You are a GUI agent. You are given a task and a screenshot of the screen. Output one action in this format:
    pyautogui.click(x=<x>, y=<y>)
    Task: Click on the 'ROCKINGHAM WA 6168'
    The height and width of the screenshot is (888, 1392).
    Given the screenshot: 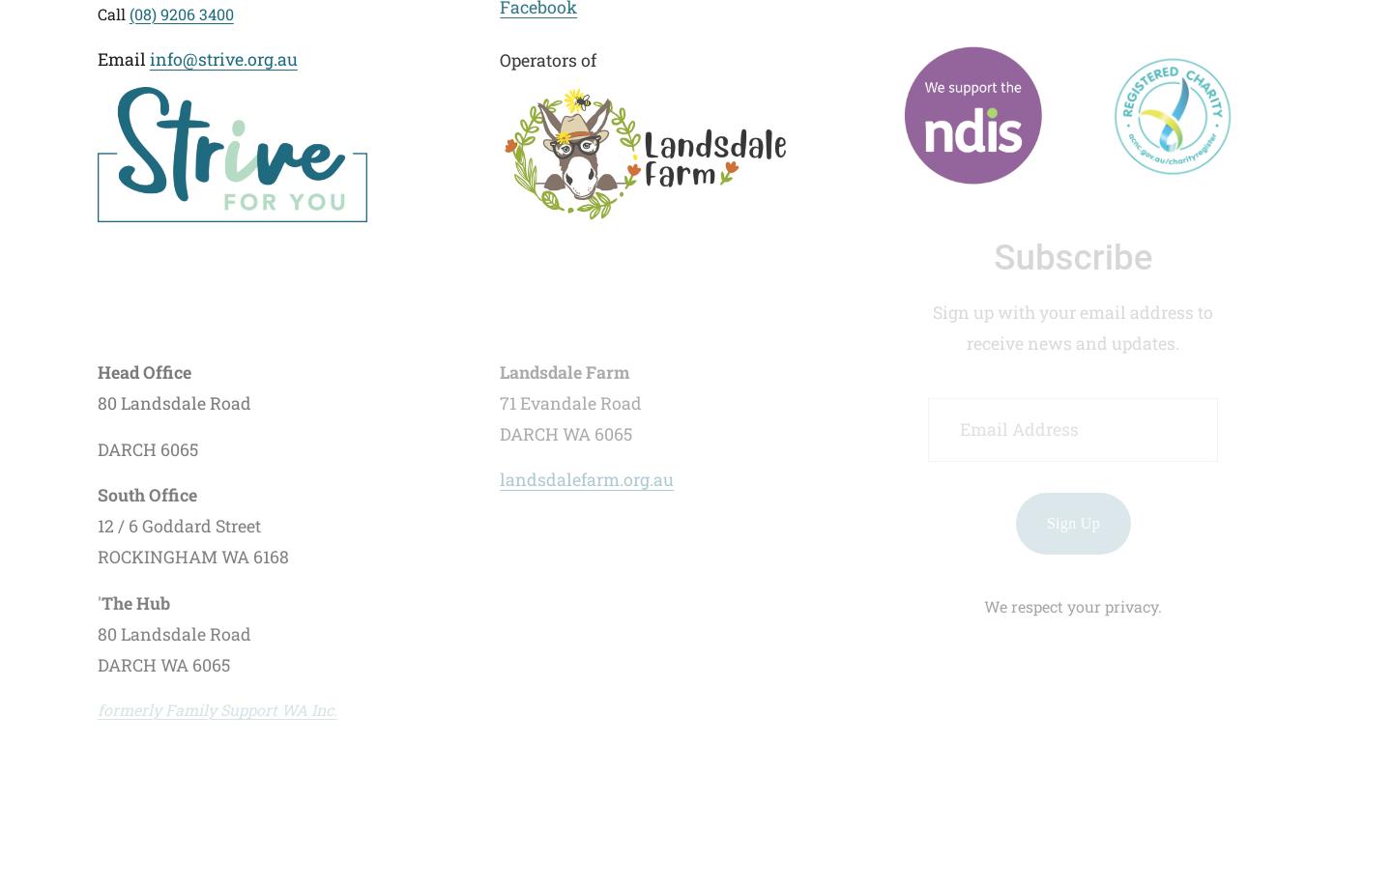 What is the action you would take?
    pyautogui.click(x=192, y=557)
    